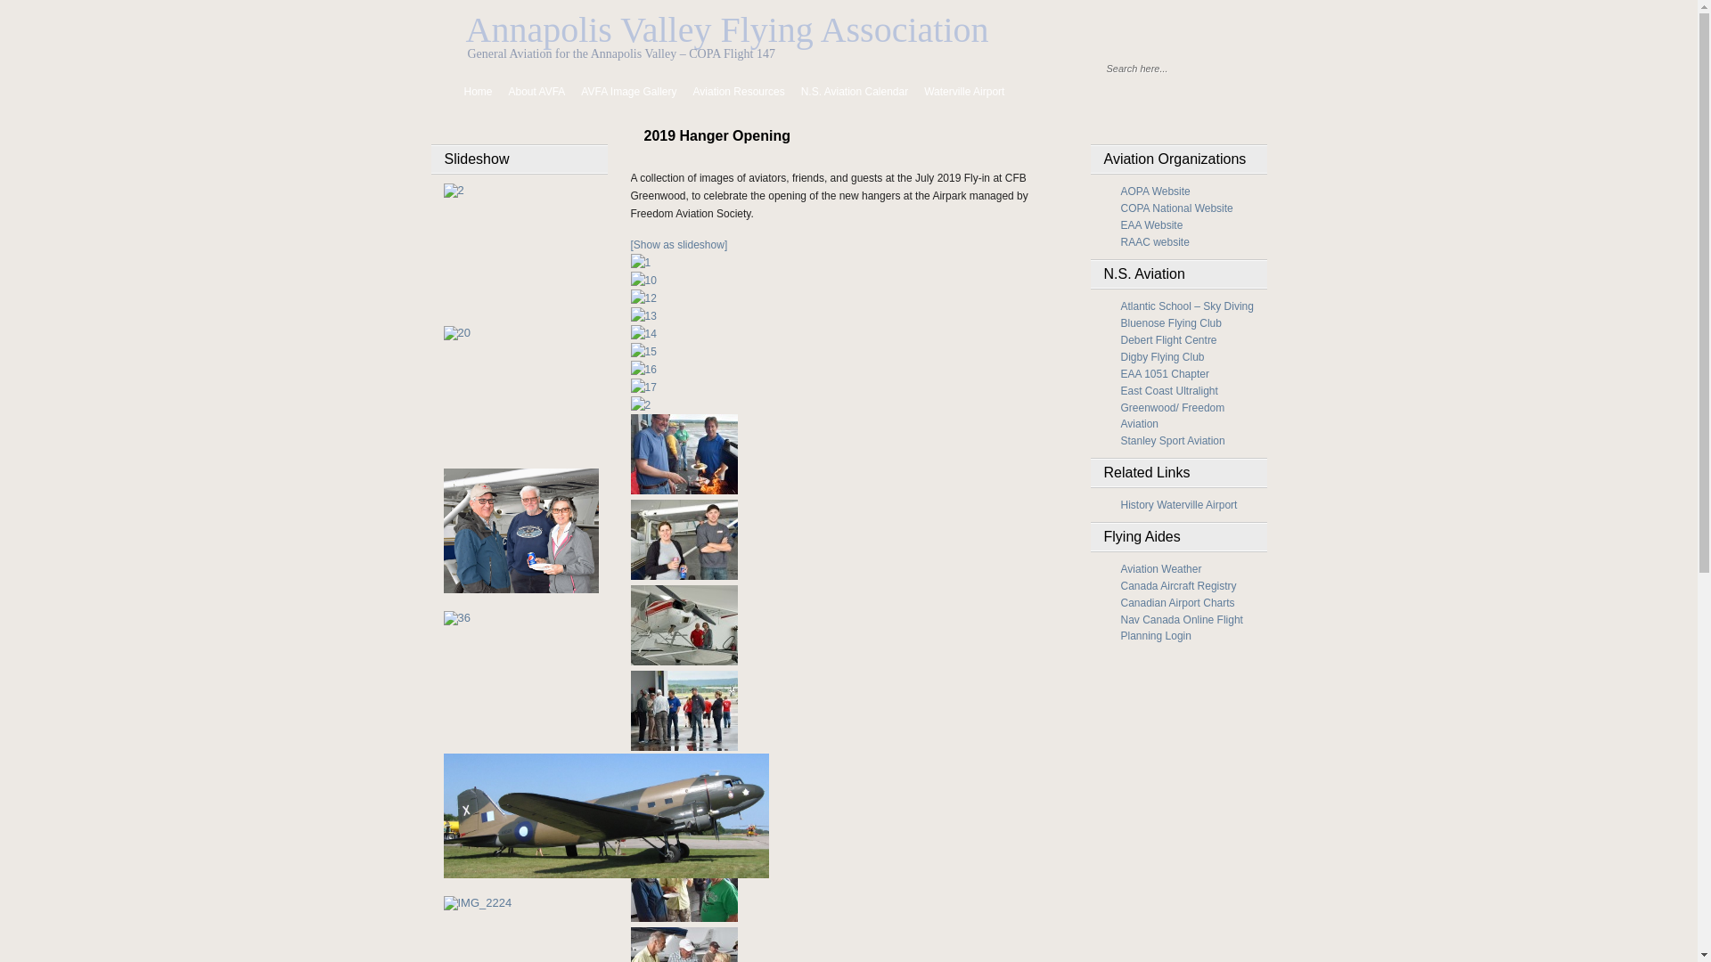 This screenshot has width=1711, height=962. I want to click on '1', so click(631, 262).